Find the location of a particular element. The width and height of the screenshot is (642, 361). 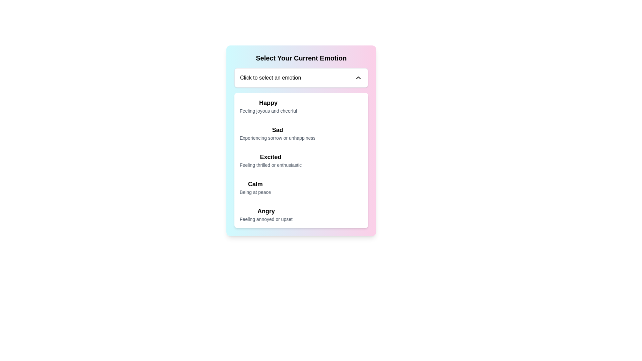

the 'Happy' emotion selection option, which is the first item in a vertical list of selectable emotions located below the dropdown labeled 'Click to select an emotion' is located at coordinates (268, 106).